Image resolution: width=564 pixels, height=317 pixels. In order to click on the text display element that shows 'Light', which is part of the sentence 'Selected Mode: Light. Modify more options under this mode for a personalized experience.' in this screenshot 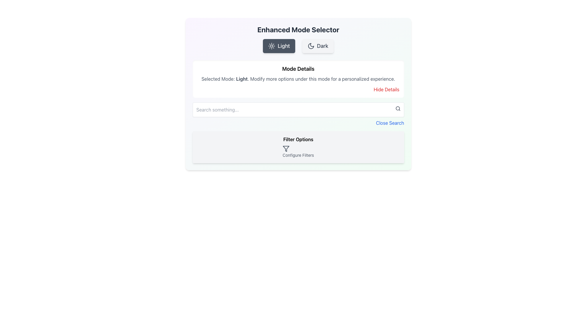, I will do `click(242, 79)`.